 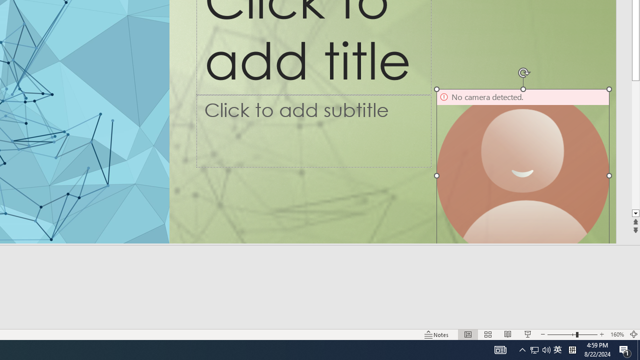 I want to click on 'Action Center, 1 new notification', so click(x=625, y=349).